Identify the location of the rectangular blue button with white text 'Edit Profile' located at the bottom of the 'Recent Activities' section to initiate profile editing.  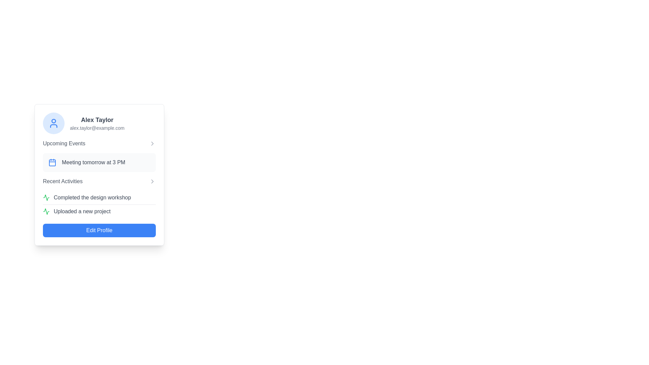
(99, 230).